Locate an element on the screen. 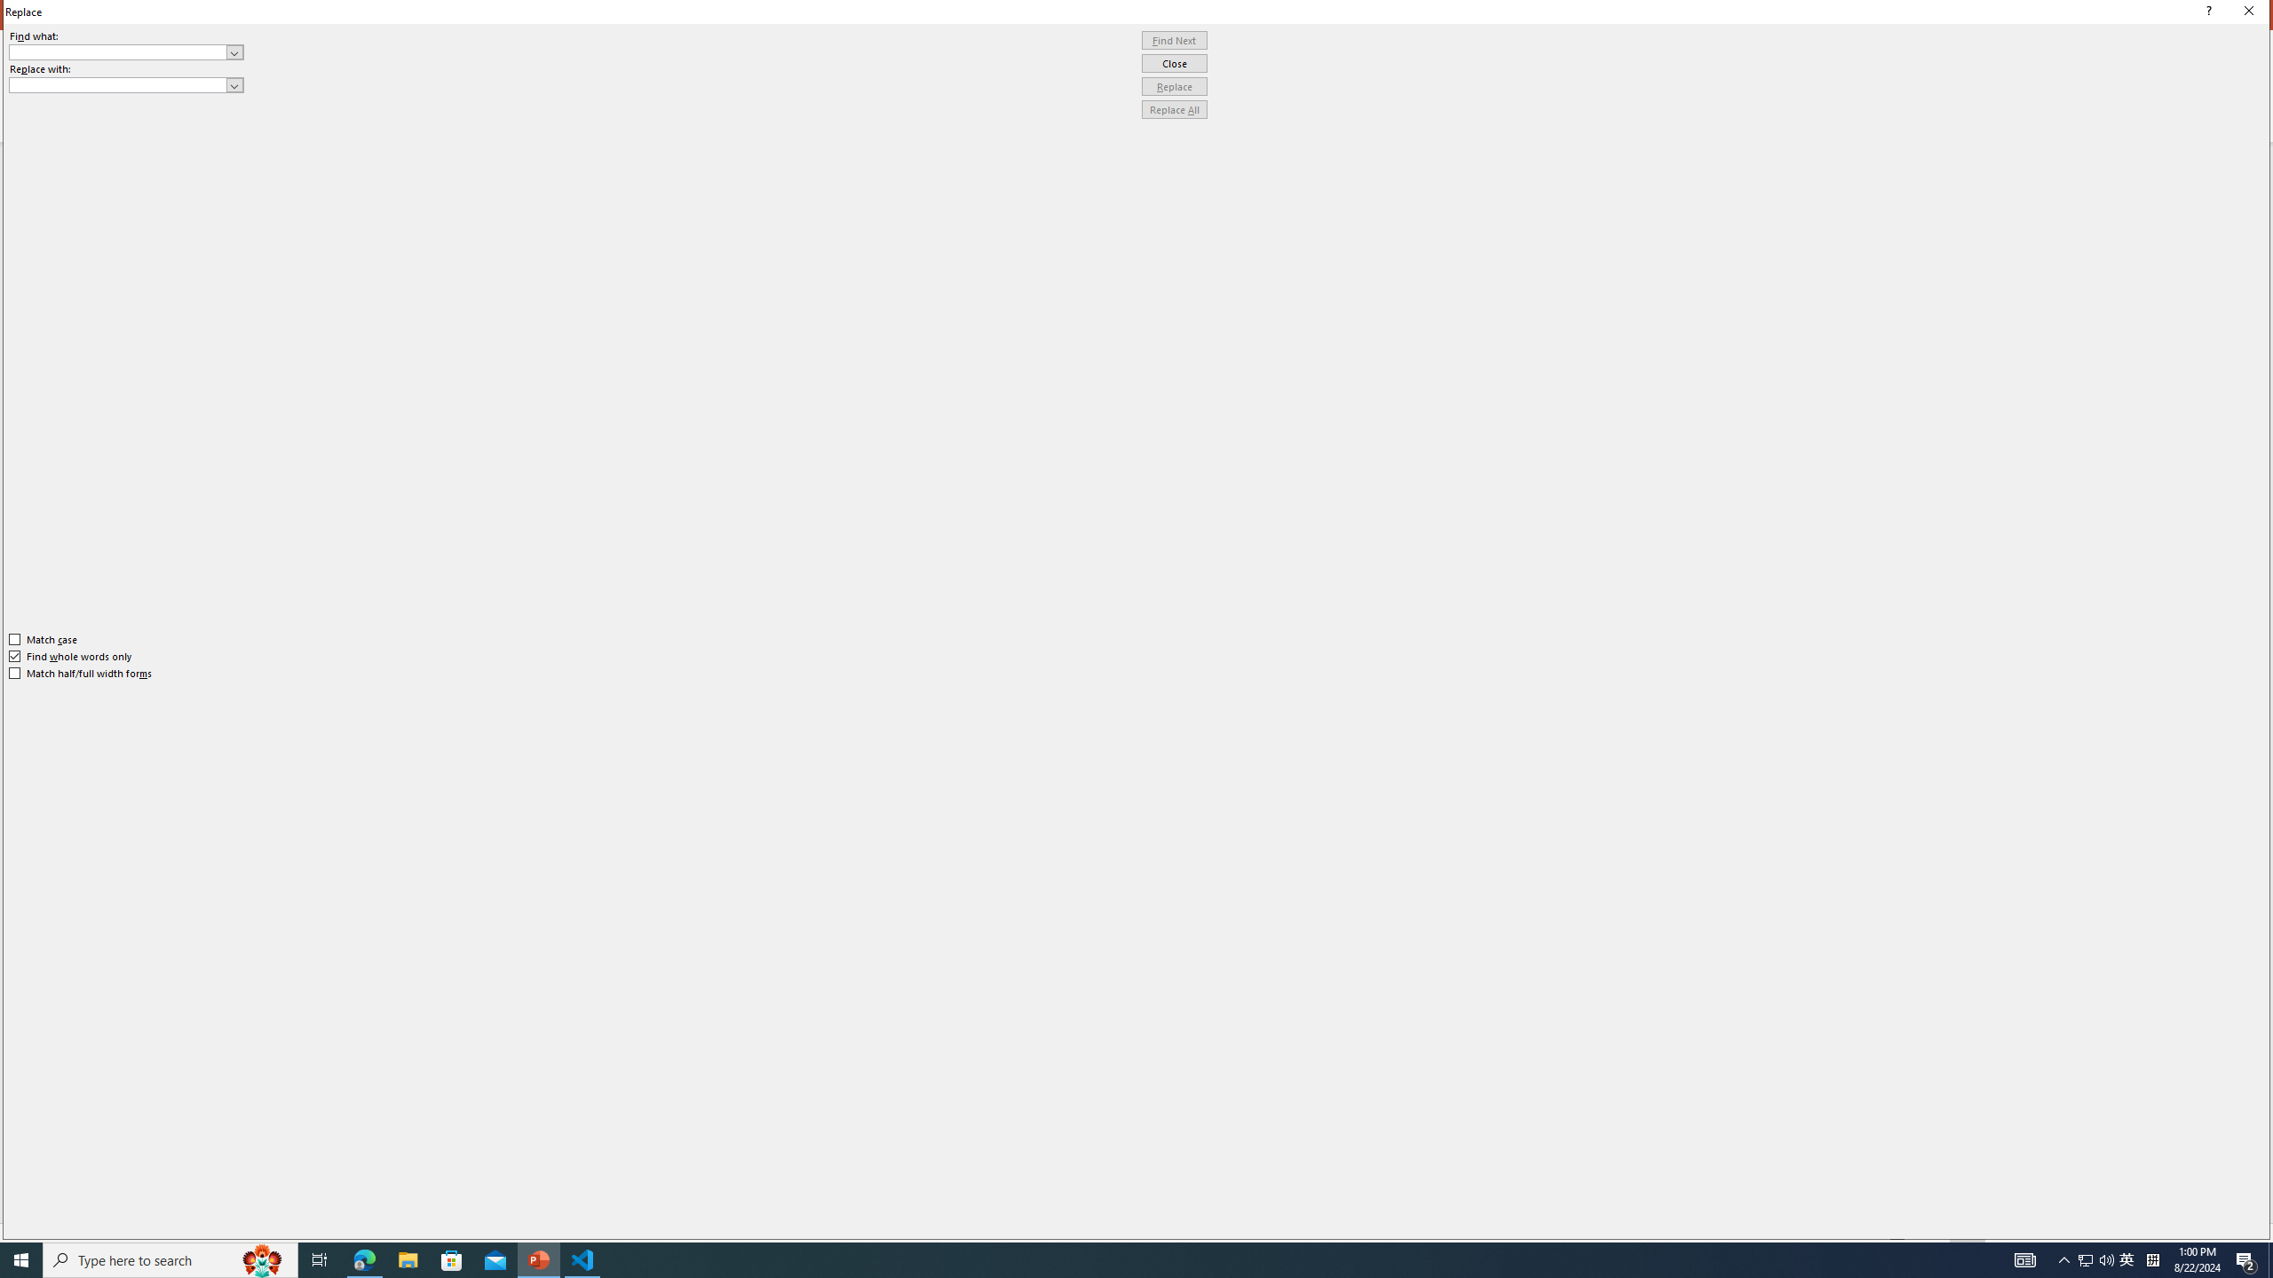 The height and width of the screenshot is (1278, 2273). 'Replace with' is located at coordinates (118, 84).